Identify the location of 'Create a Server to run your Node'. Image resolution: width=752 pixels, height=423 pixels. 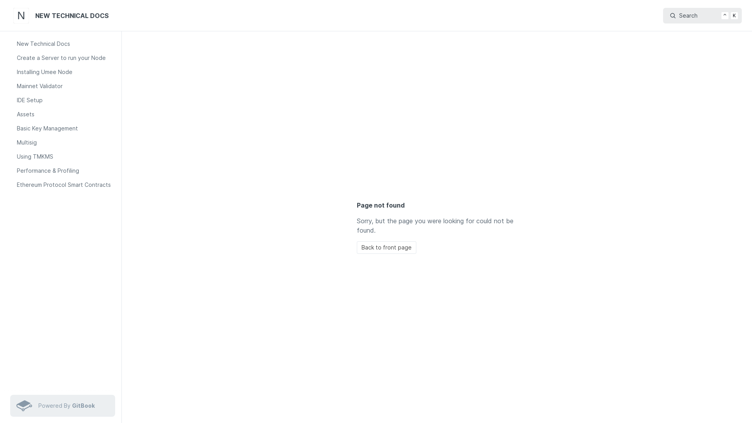
(66, 57).